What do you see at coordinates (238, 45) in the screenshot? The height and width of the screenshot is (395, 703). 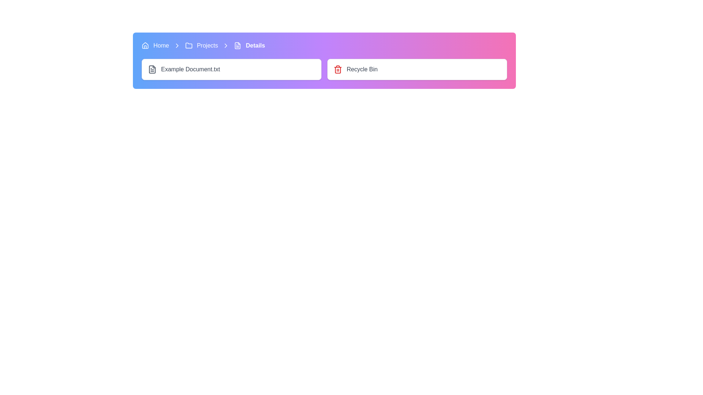 I see `the 'Details' icon in the breadcrumb navigation, which indicates the current location within the application hierarchy` at bounding box center [238, 45].